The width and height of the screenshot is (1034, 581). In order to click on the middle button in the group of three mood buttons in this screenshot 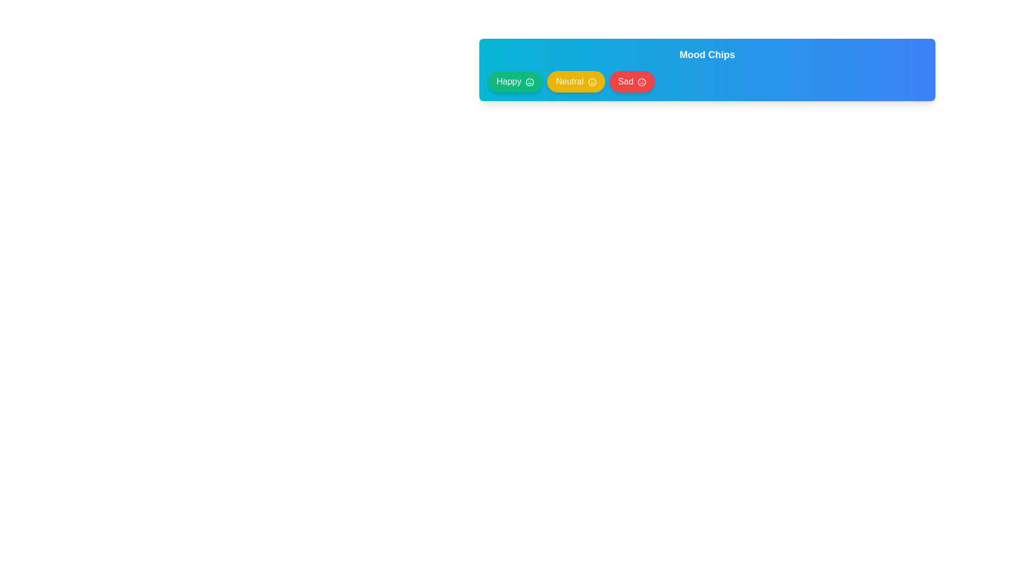, I will do `click(576, 81)`.